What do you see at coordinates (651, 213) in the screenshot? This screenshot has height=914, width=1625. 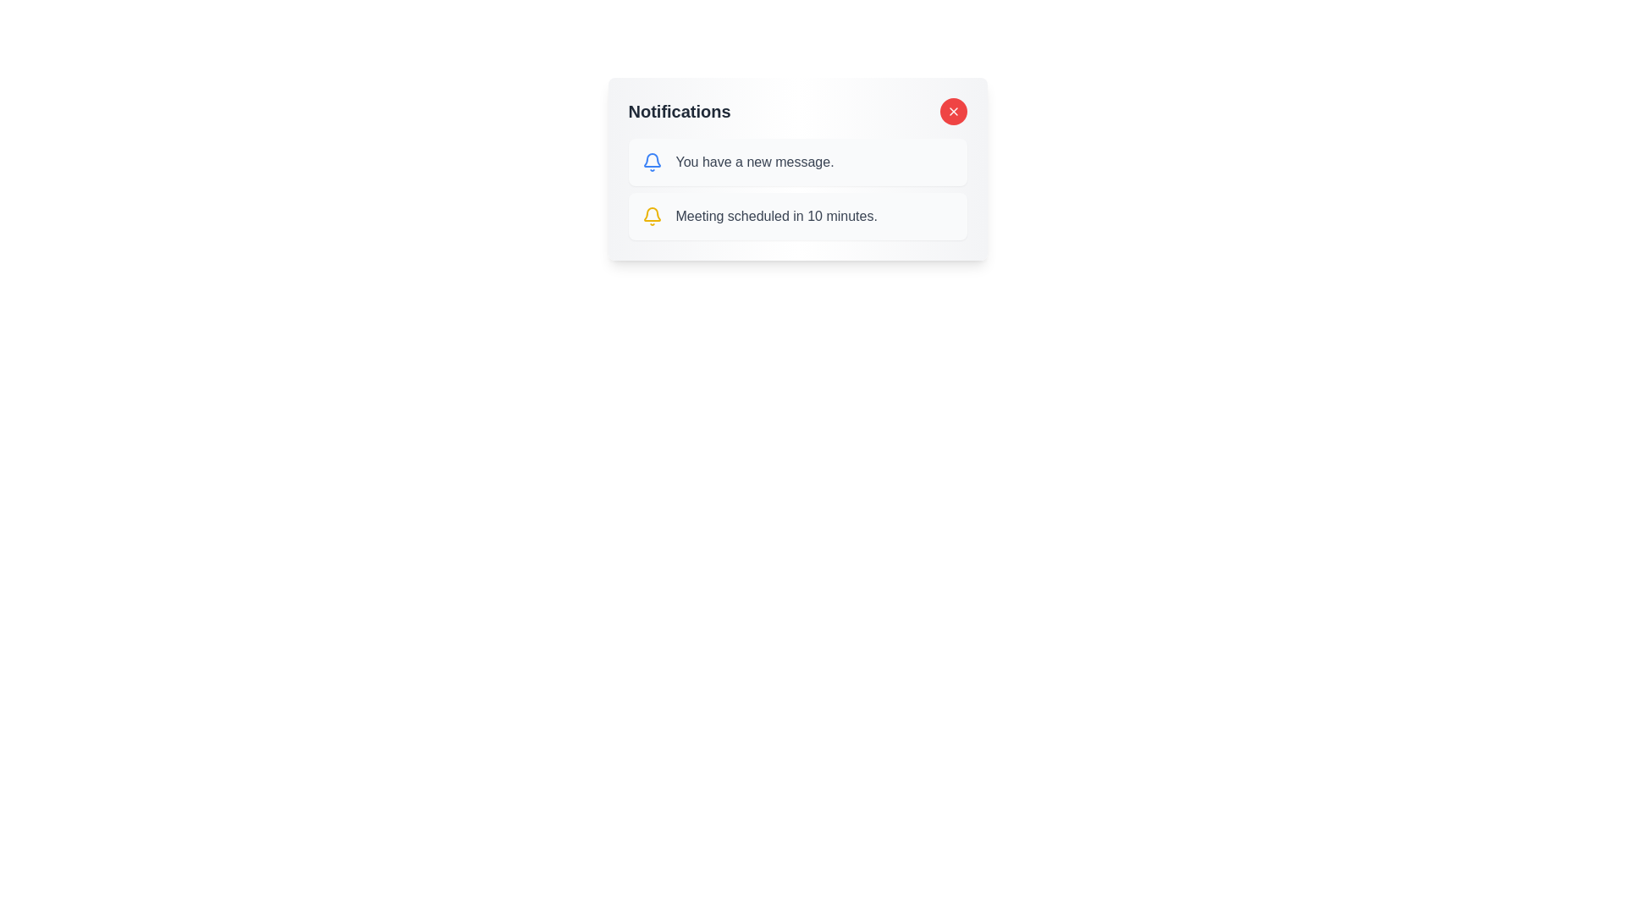 I see `the bell-shaped notification icon with a yellow border located in the notification panel to simulate interaction` at bounding box center [651, 213].